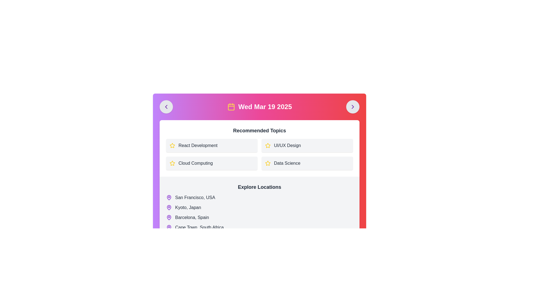 This screenshot has width=533, height=299. What do you see at coordinates (172, 145) in the screenshot?
I see `the five-pointed star icon with a yellow outline and a white fill located in the 'Recommended Topics' section` at bounding box center [172, 145].